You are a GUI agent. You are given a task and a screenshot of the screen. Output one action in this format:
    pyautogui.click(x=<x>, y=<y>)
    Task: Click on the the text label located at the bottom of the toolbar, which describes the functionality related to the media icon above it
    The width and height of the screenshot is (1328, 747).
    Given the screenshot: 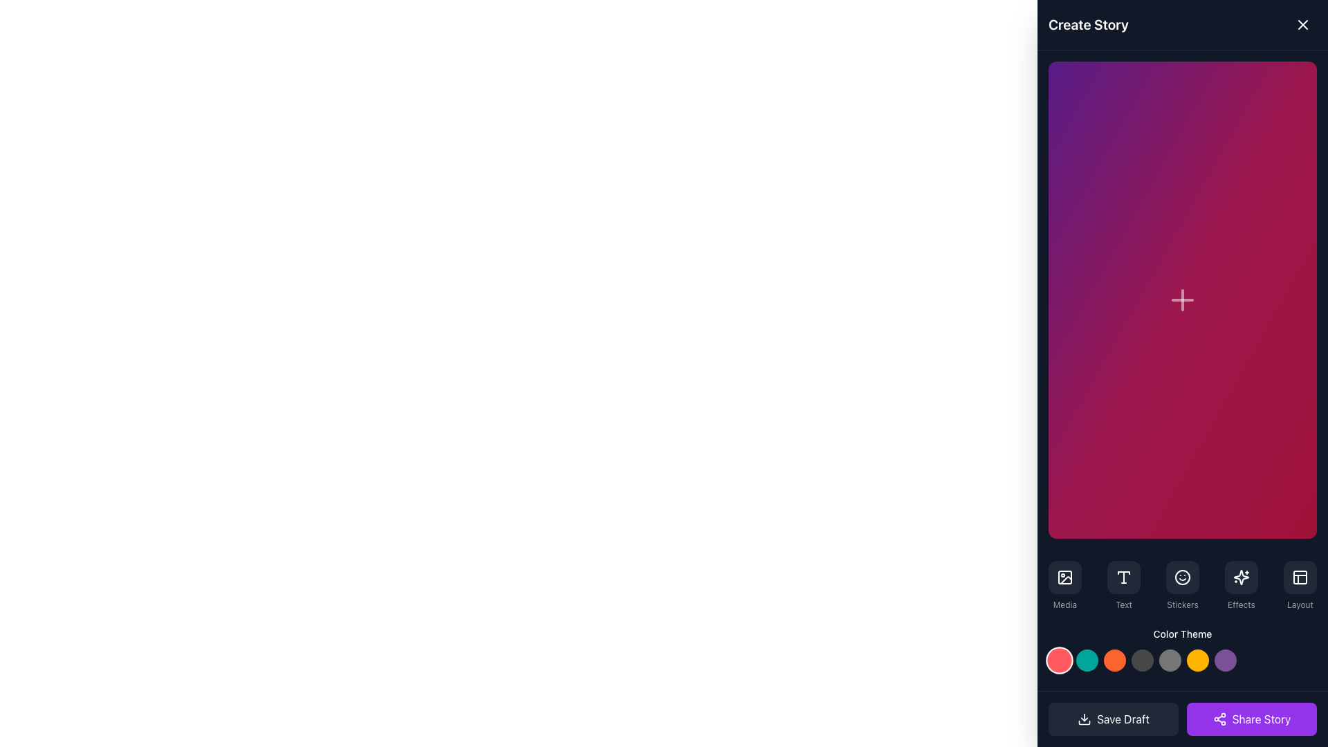 What is the action you would take?
    pyautogui.click(x=1064, y=604)
    